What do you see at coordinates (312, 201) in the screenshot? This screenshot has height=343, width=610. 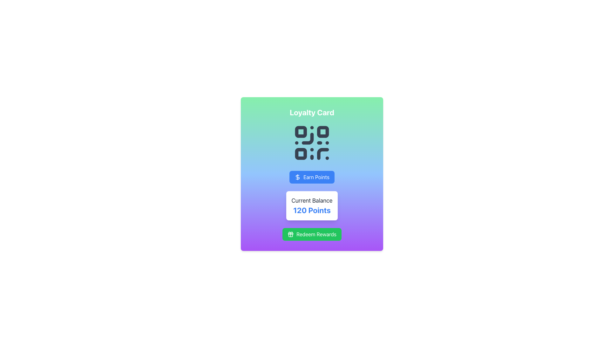 I see `the 'Current Balance' text display element, which is the upper text within a small white card showing '120 Points'` at bounding box center [312, 201].